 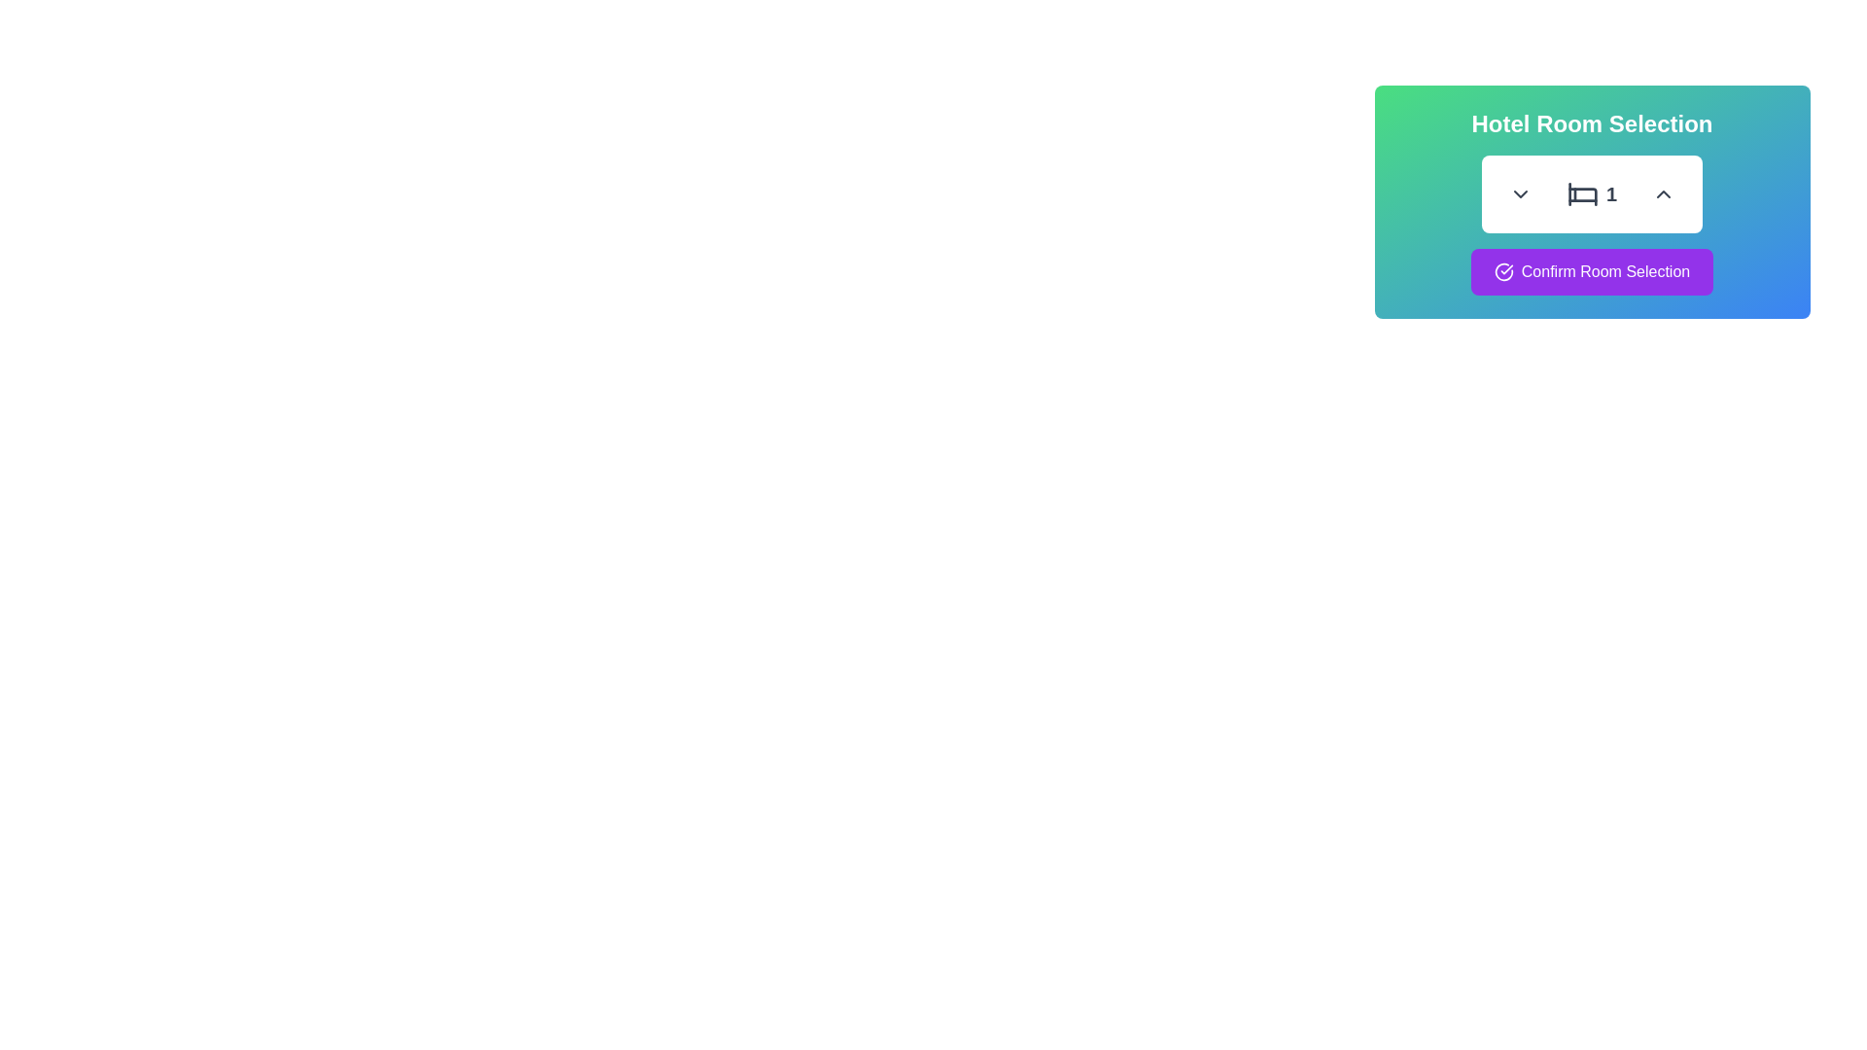 What do you see at coordinates (1502, 272) in the screenshot?
I see `the decorative icon located to the left of the 'Confirm Room Selection' text within the purple button at the bottom of the card` at bounding box center [1502, 272].